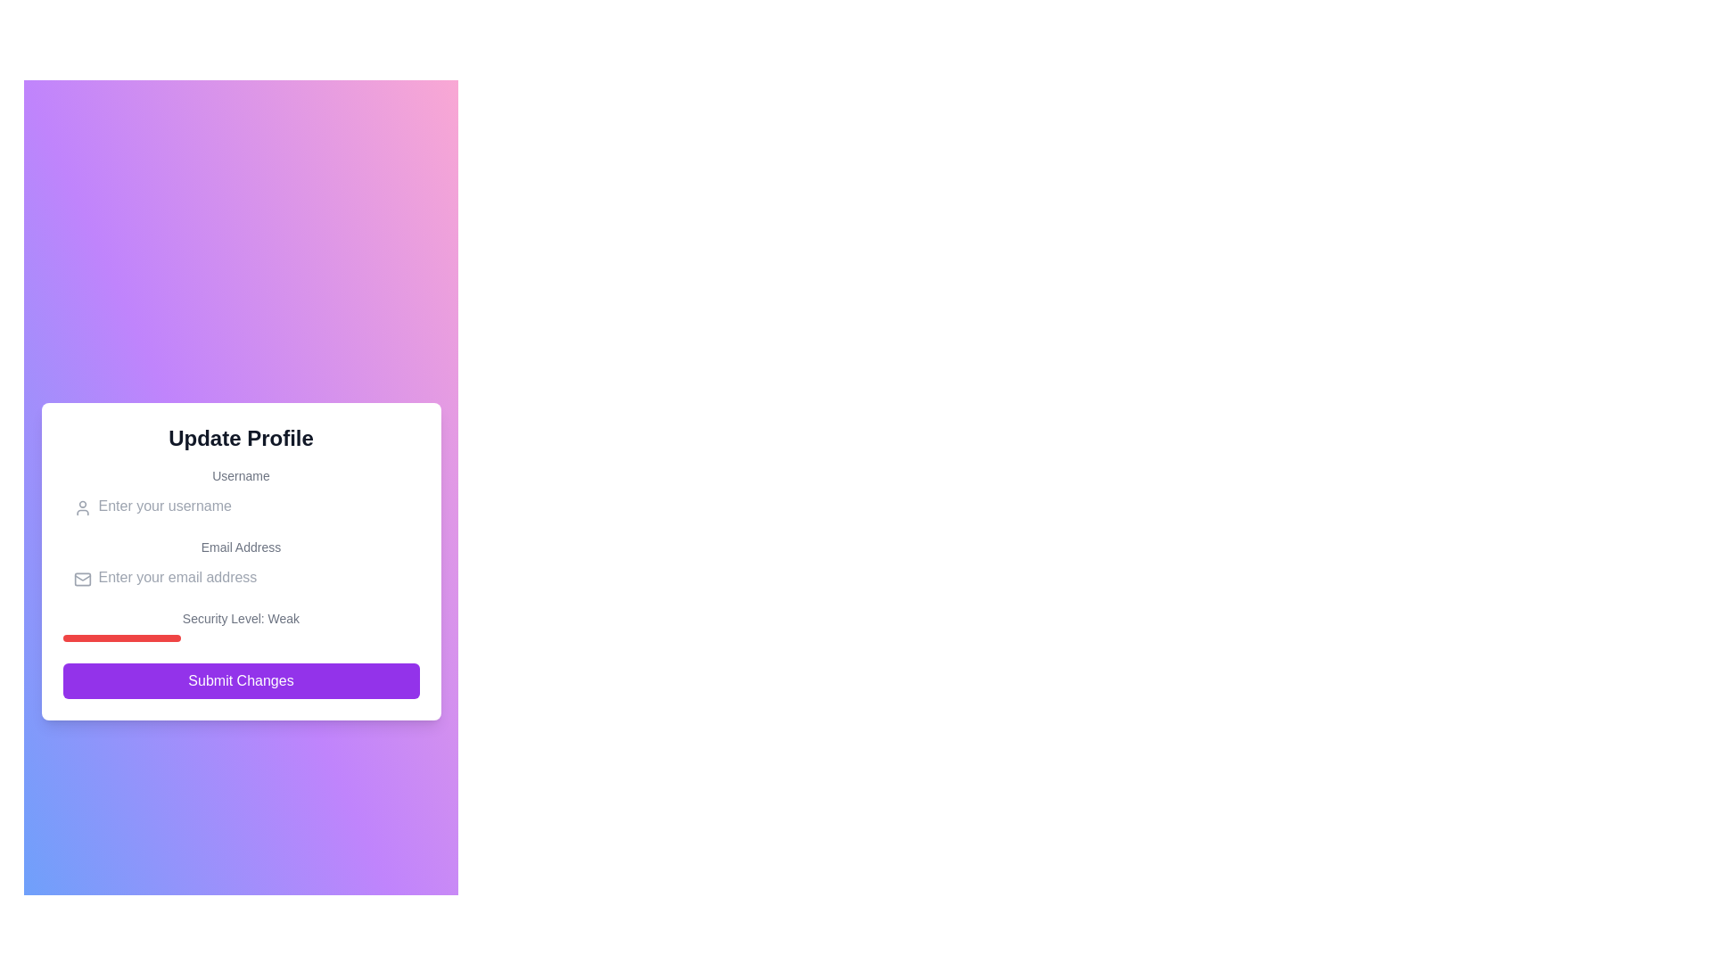 The width and height of the screenshot is (1712, 963). I want to click on text from the heading element that serves as the title for the profile update section, which is positioned at the top of the form-like structure, so click(240, 439).